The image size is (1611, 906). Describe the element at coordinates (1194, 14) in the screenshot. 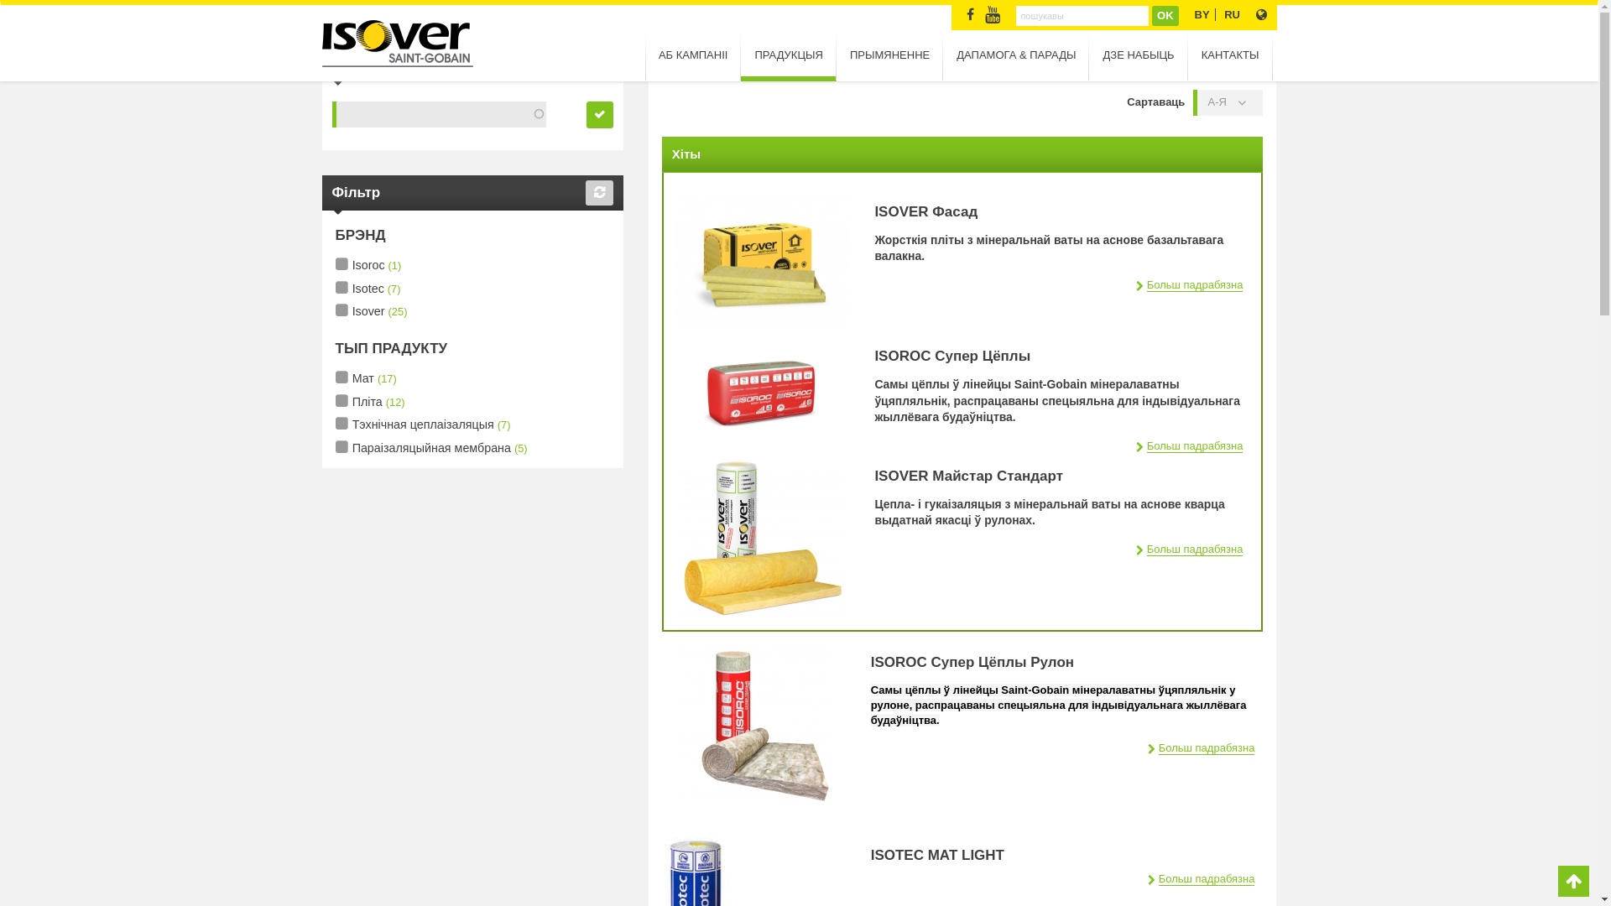

I see `'BY'` at that location.